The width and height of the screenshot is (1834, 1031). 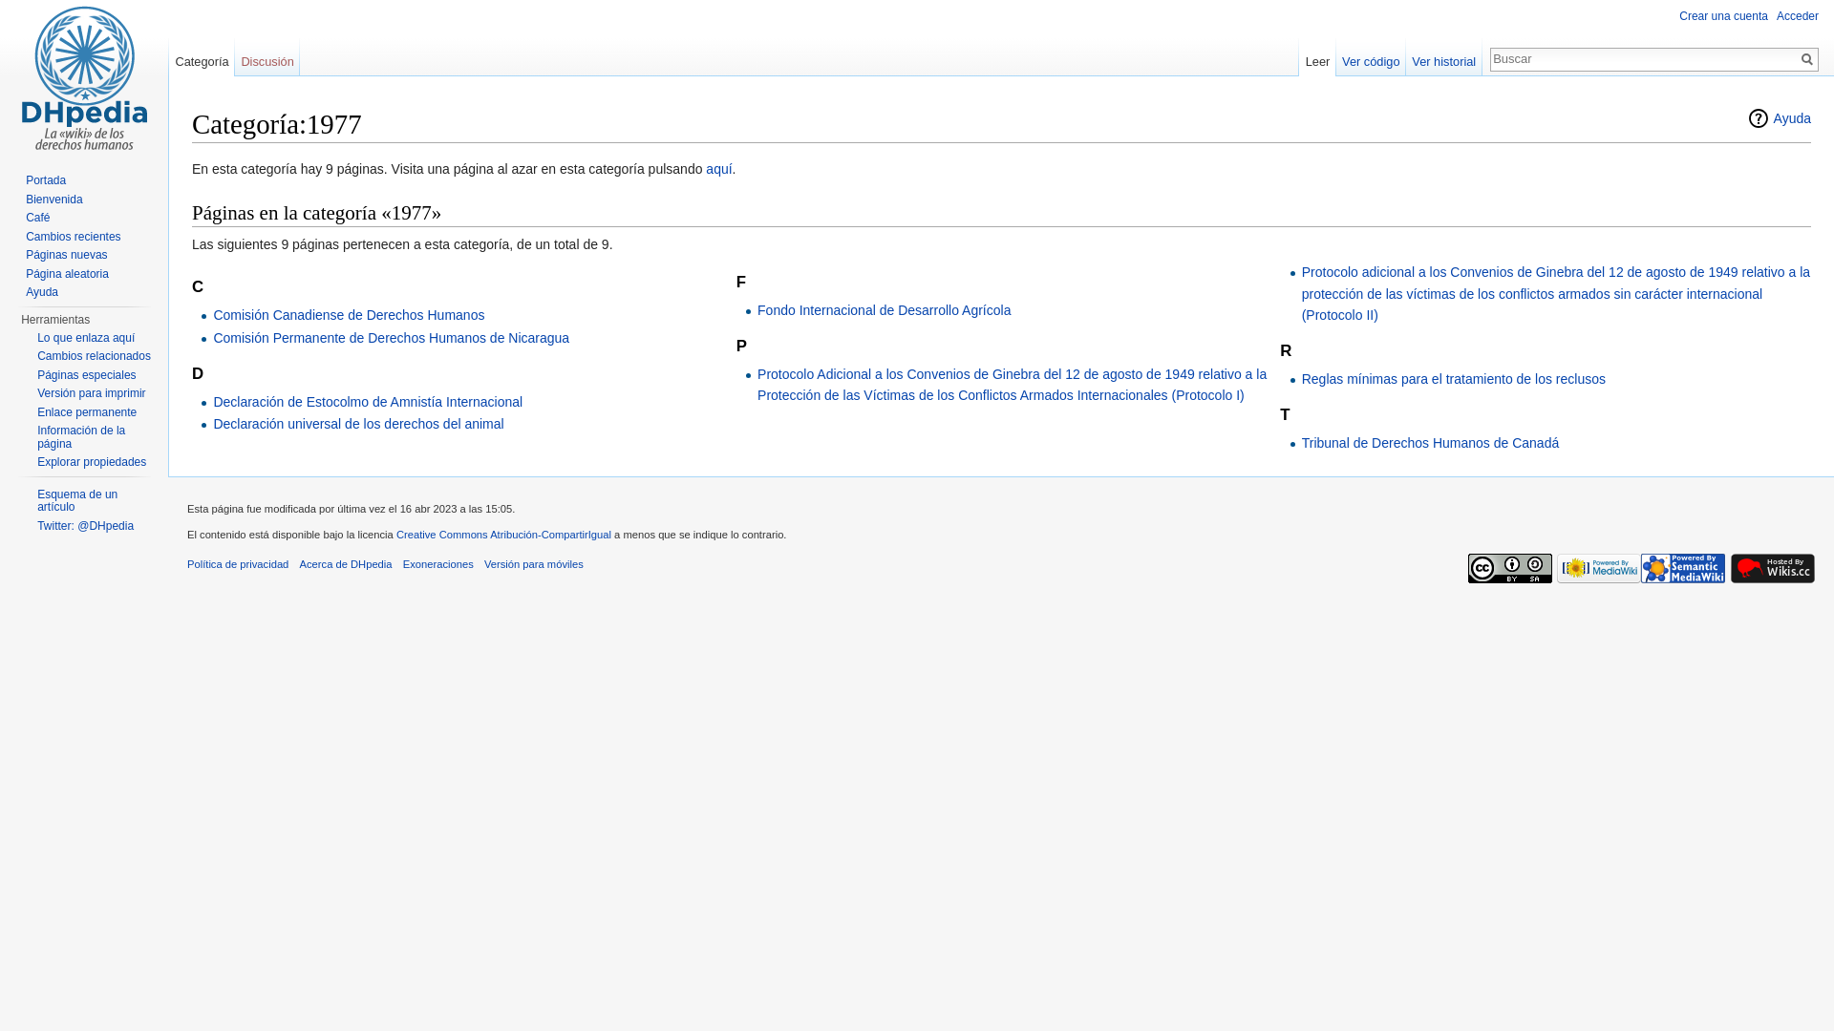 I want to click on 'Bienvenida', so click(x=53, y=199).